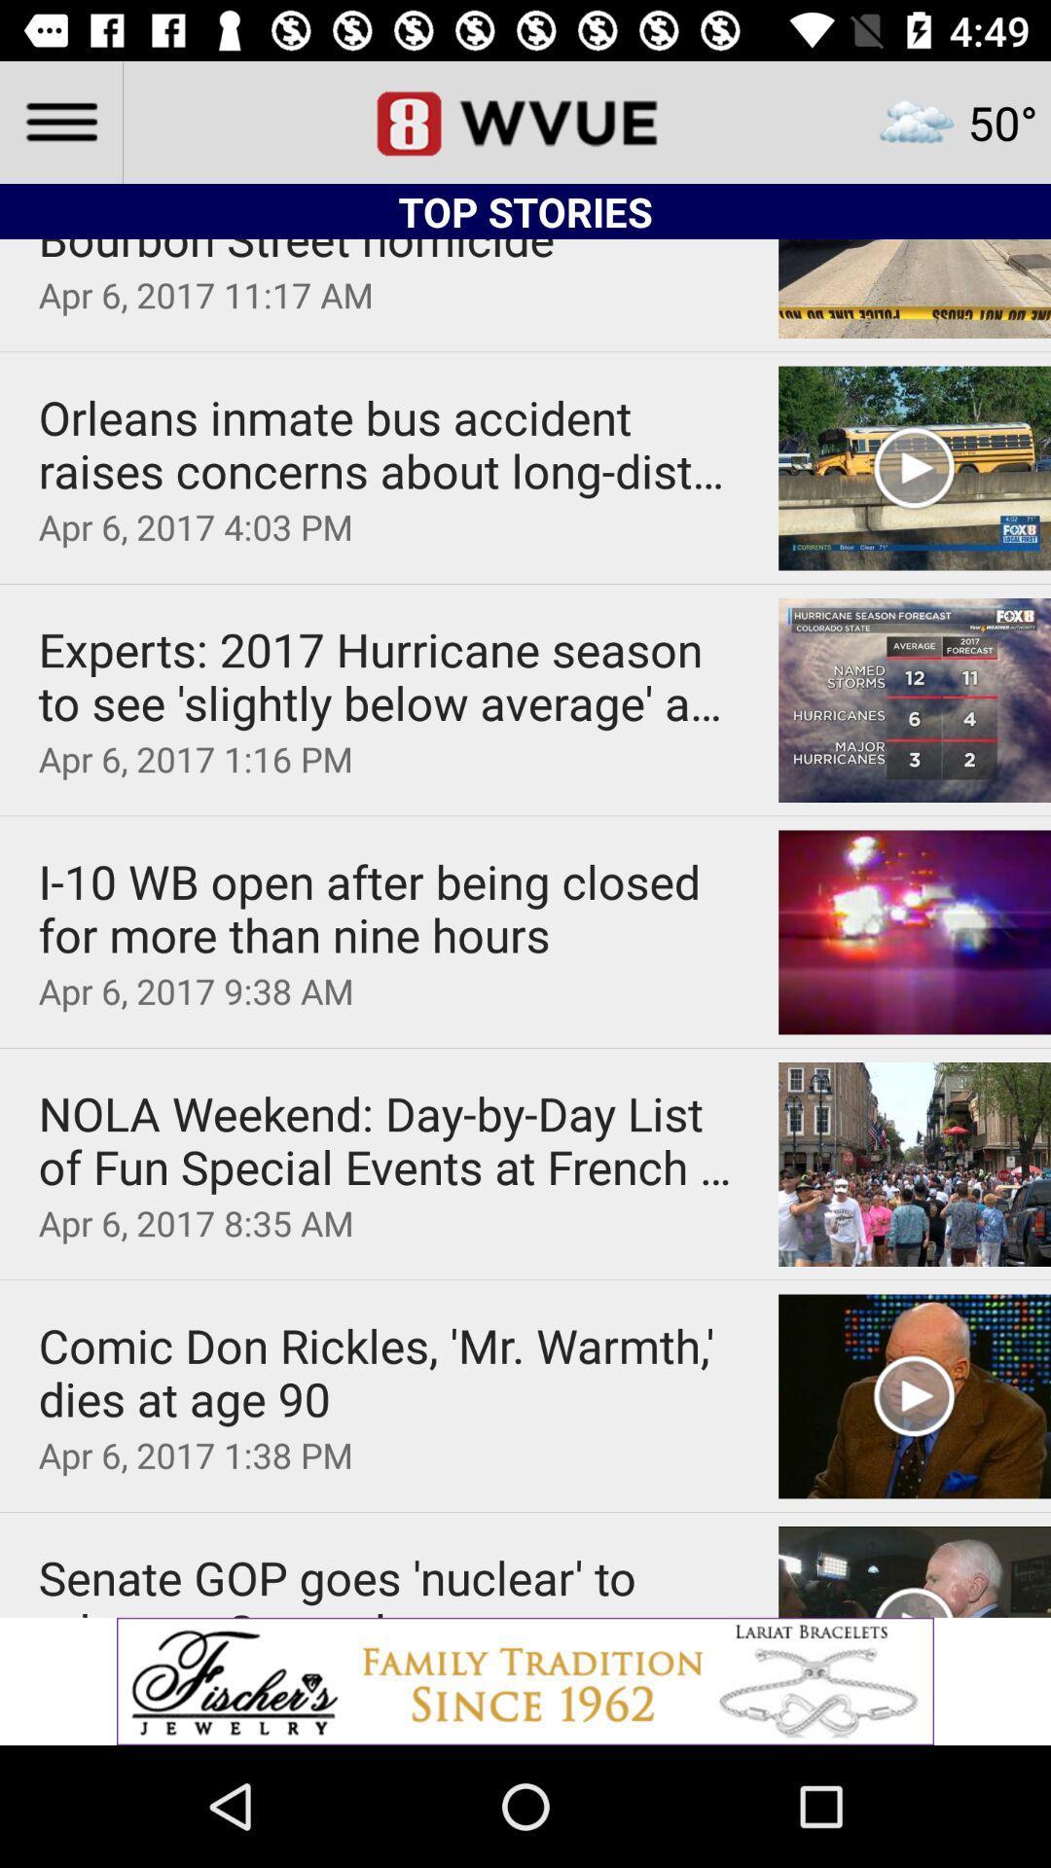  Describe the element at coordinates (915, 468) in the screenshot. I see `play button on second option image` at that location.